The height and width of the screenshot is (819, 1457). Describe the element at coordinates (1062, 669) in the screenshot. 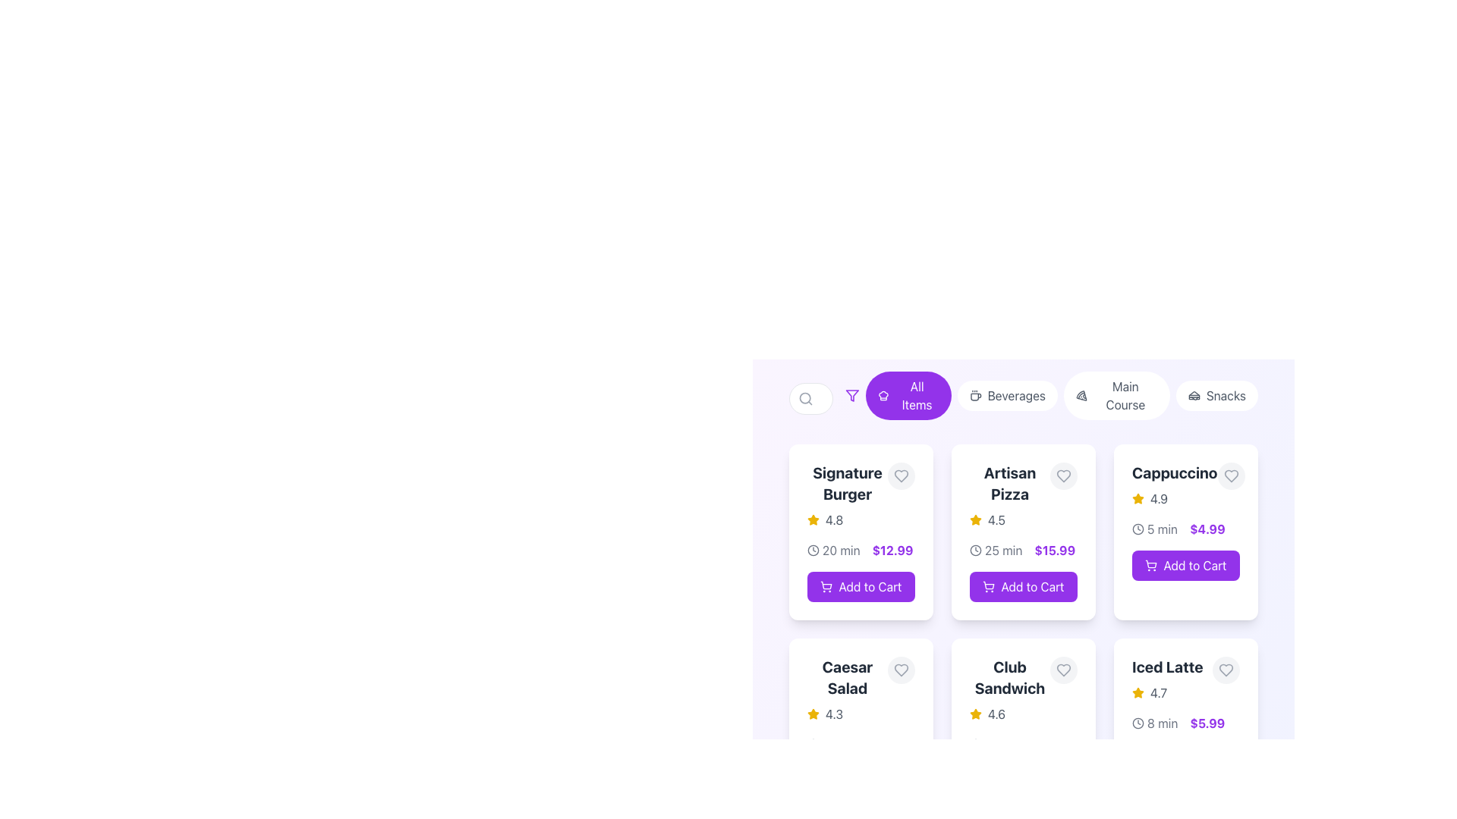

I see `the favorite icon located in the top-right corner of the 'Club Sandwich' card` at that location.